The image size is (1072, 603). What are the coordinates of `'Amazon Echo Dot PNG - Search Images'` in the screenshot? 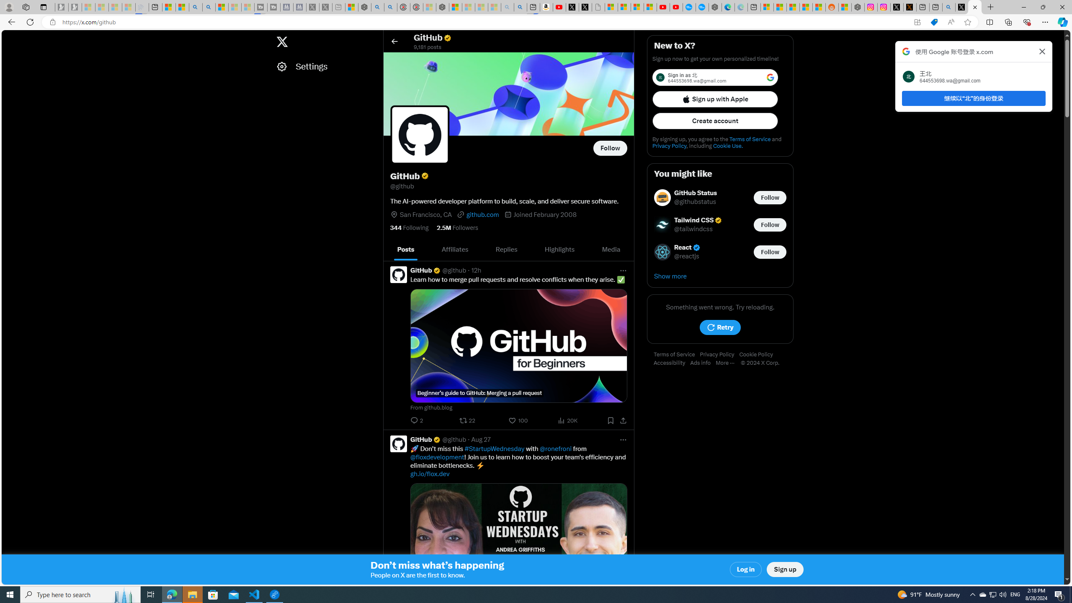 It's located at (520, 7).